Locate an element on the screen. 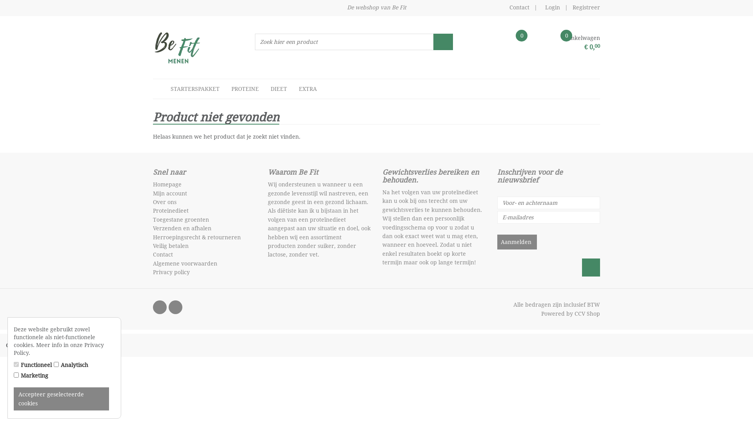 The width and height of the screenshot is (753, 423). 'Verzenden en afhalen' is located at coordinates (182, 228).